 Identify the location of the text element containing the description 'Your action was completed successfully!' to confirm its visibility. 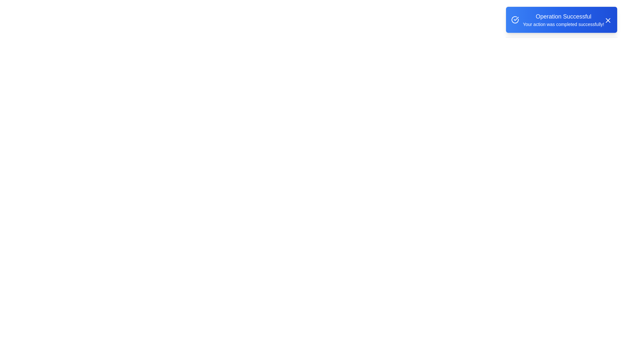
(563, 24).